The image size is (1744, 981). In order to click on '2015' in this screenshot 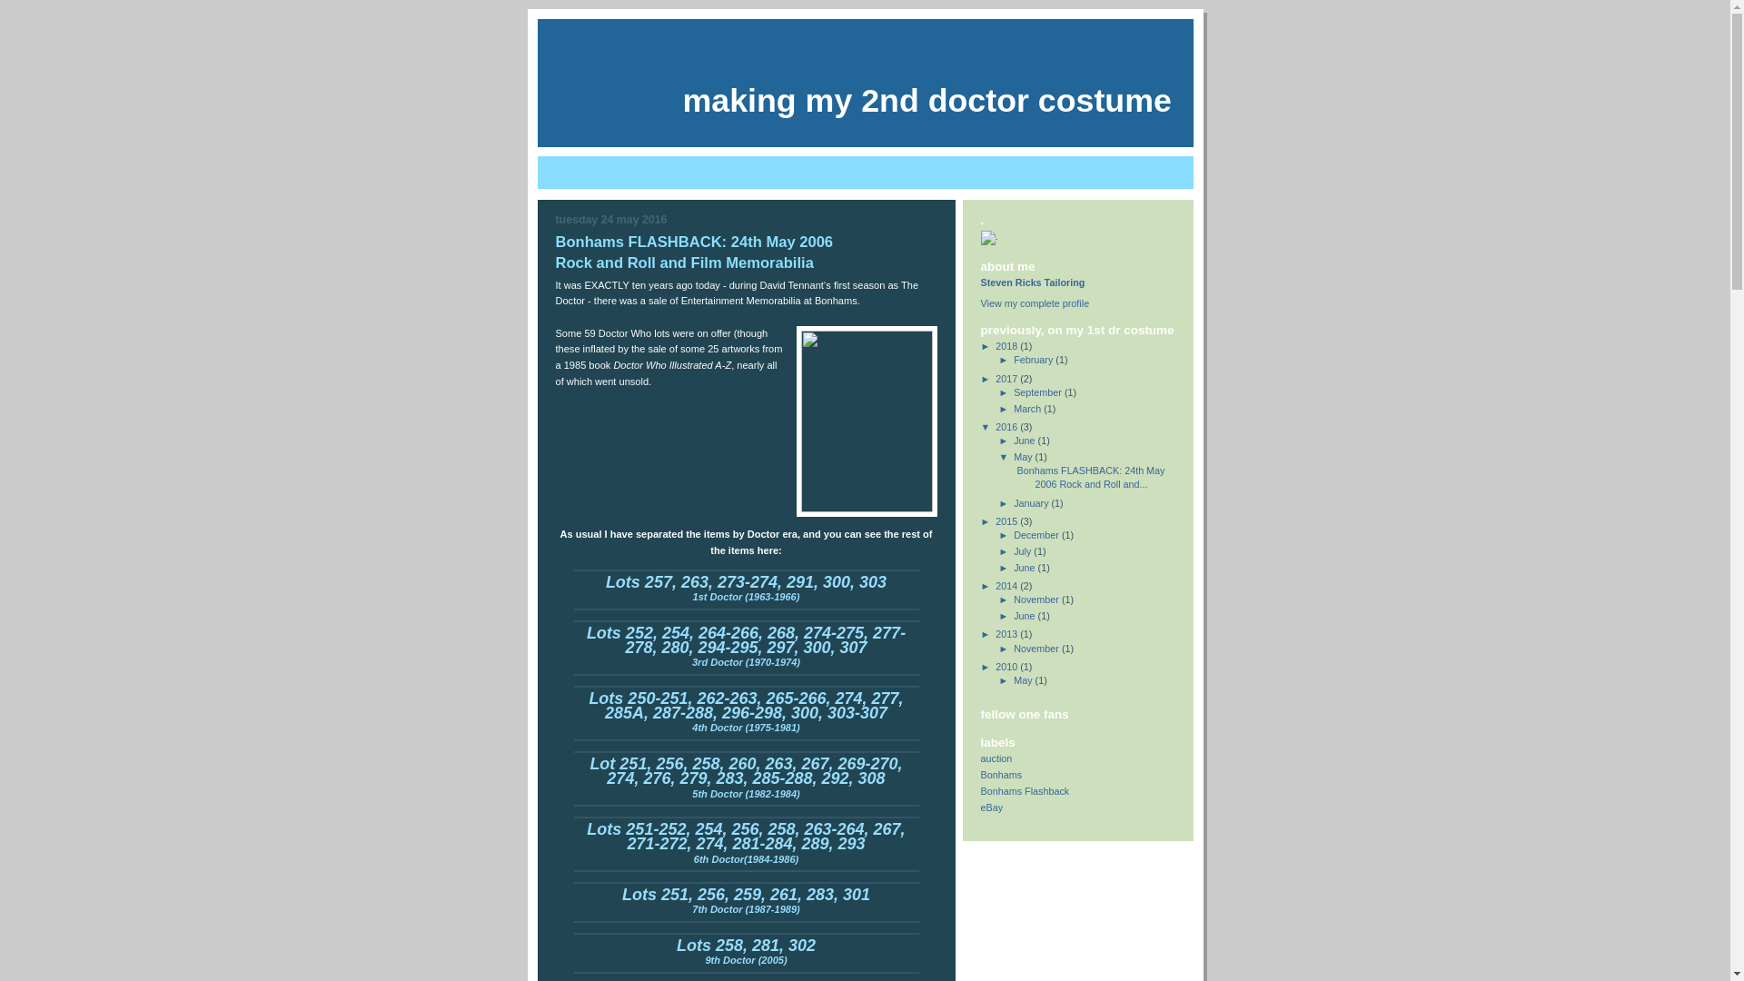, I will do `click(1006, 521)`.